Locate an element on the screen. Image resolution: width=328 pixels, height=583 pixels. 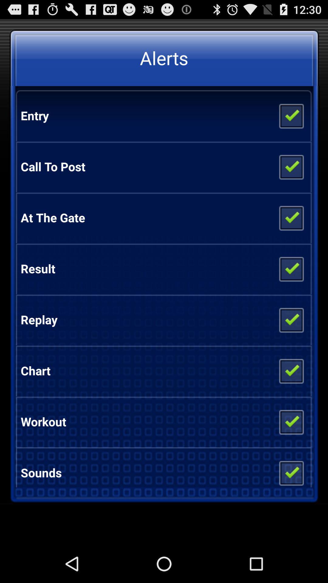
alert is located at coordinates (291, 370).